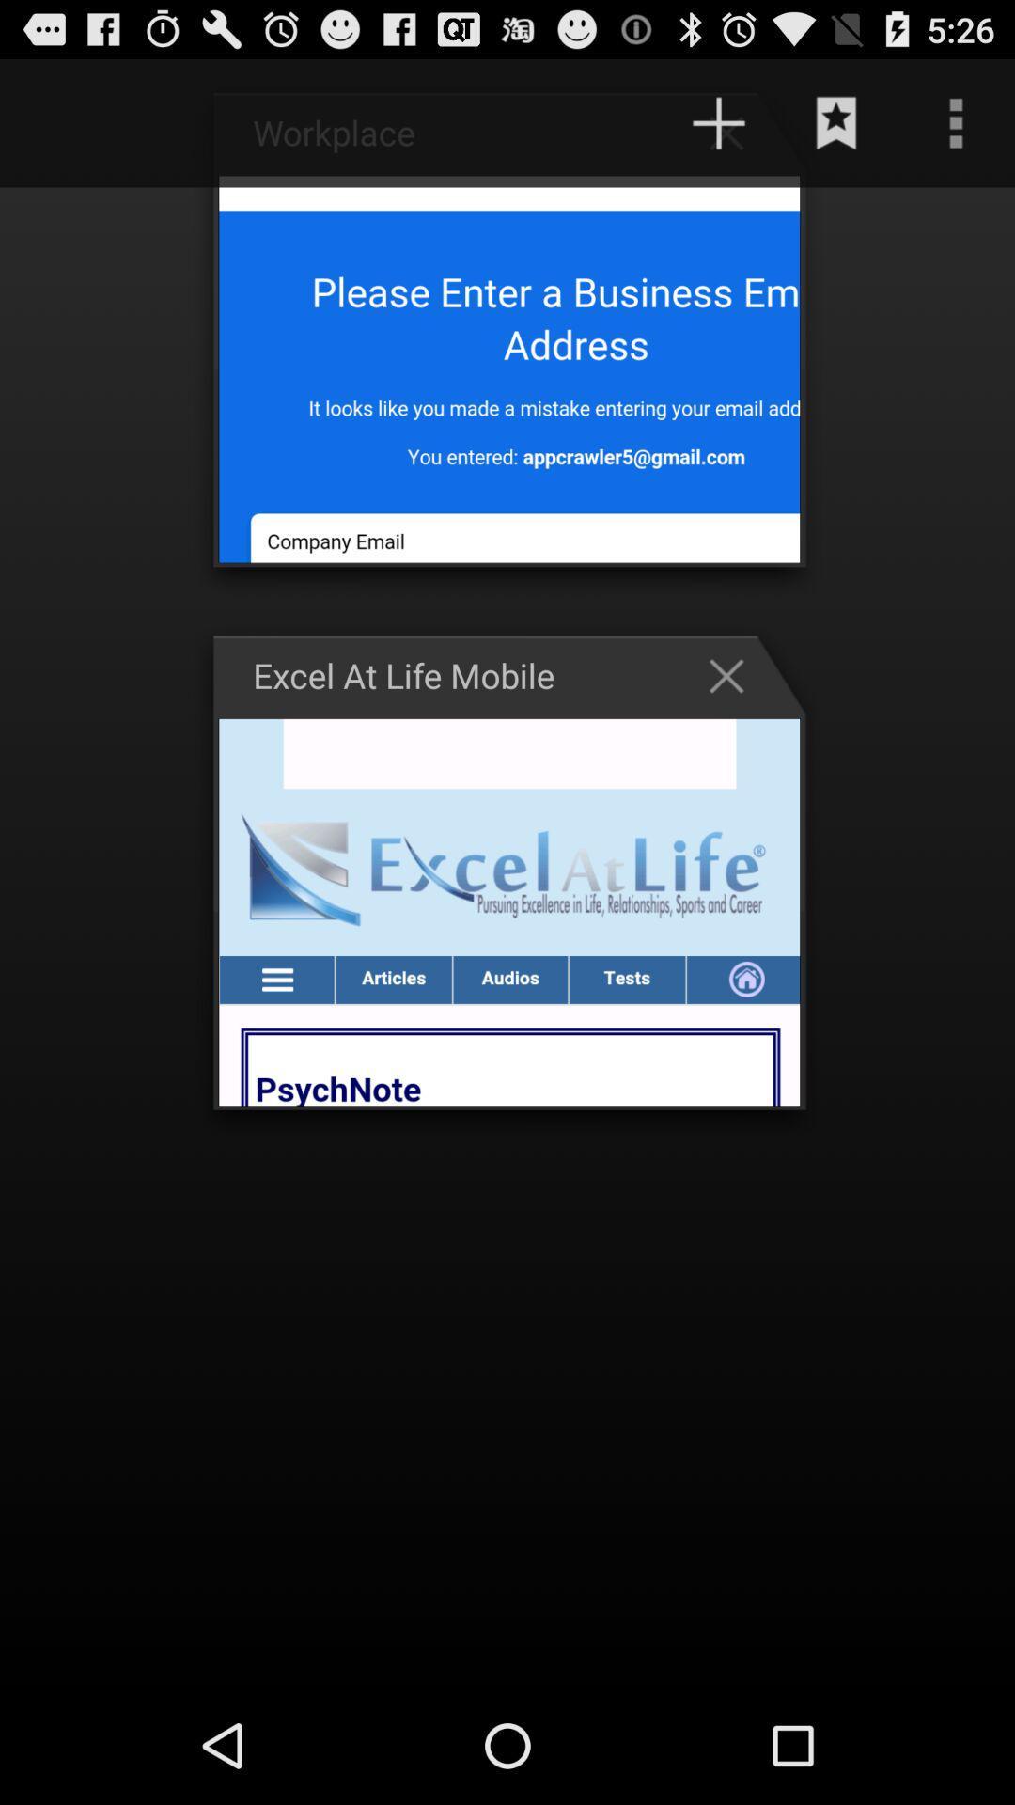 The height and width of the screenshot is (1805, 1015). Describe the element at coordinates (735, 721) in the screenshot. I see `the close icon` at that location.